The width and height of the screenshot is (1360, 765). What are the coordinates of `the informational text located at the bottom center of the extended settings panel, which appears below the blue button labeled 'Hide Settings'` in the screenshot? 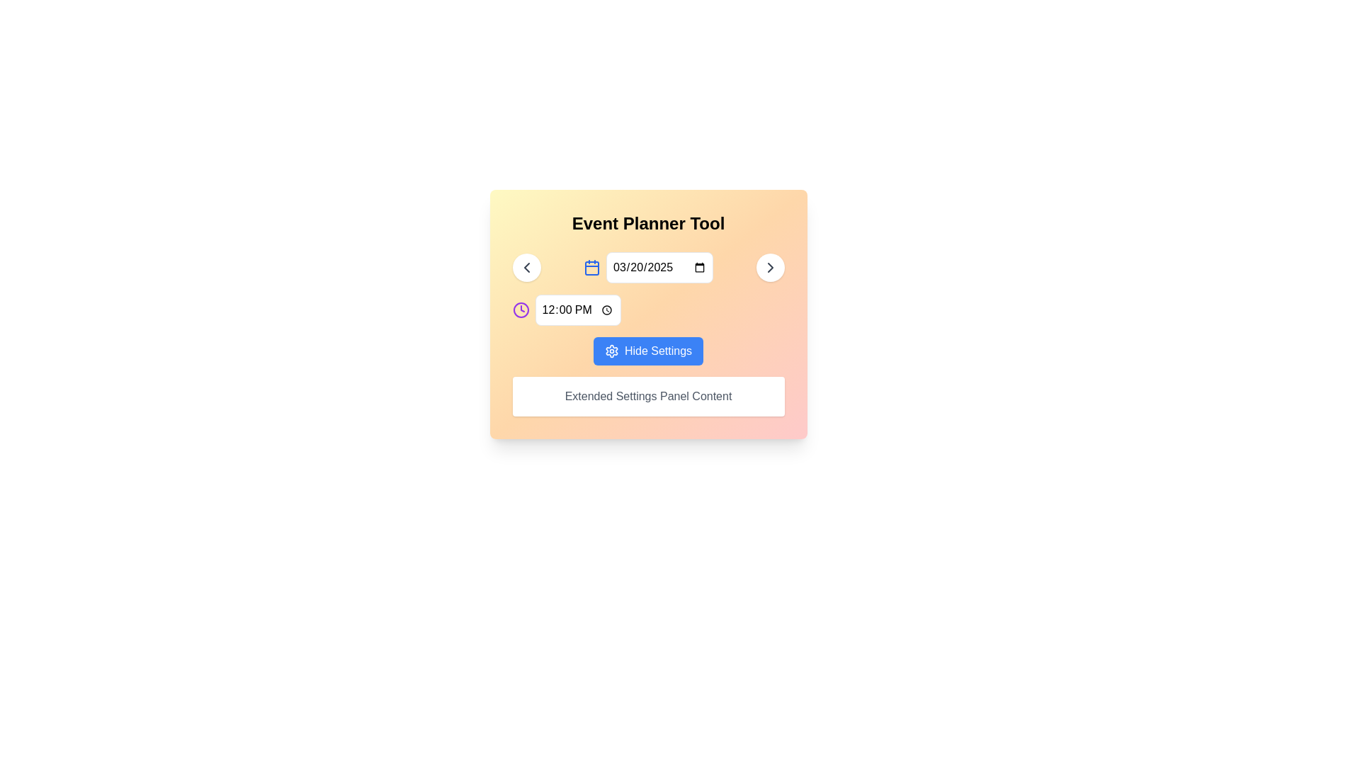 It's located at (647, 396).